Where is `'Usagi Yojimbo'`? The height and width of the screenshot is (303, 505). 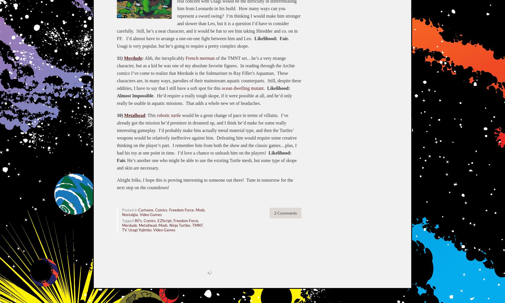
'Usagi Yojimbo' is located at coordinates (140, 230).